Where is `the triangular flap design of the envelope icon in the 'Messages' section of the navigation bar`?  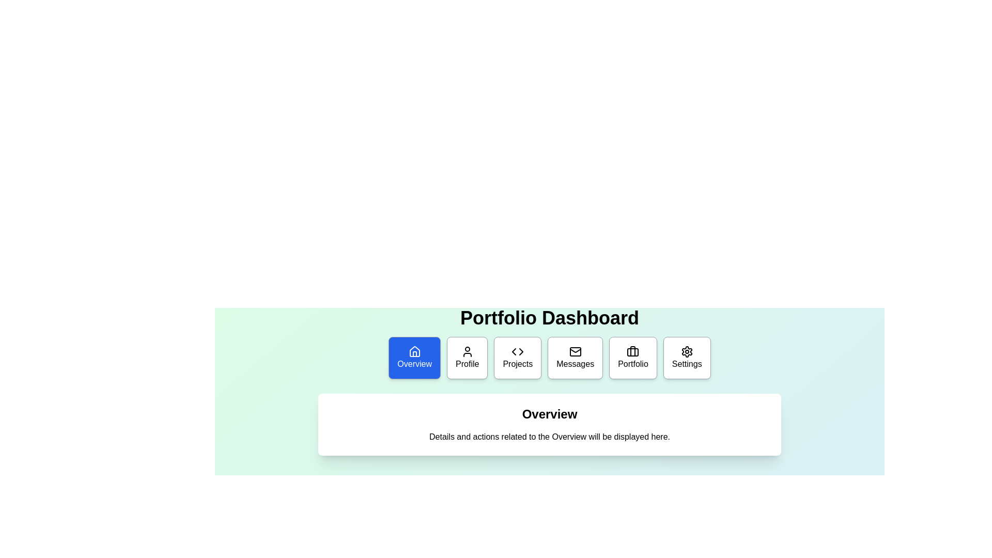
the triangular flap design of the envelope icon in the 'Messages' section of the navigation bar is located at coordinates (575, 350).